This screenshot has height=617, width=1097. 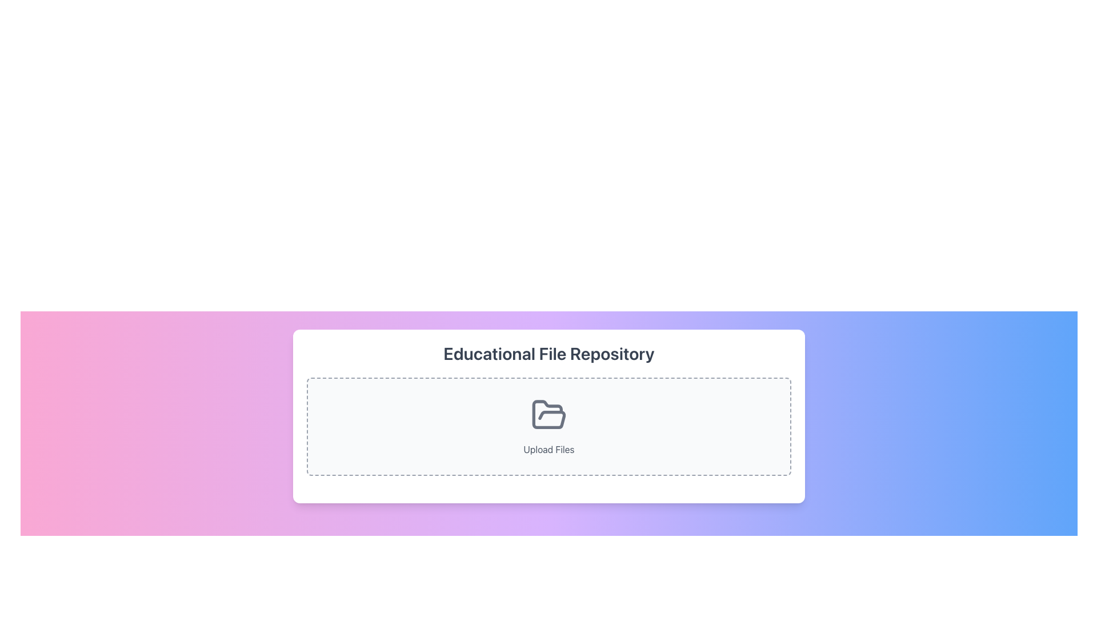 I want to click on and drop files into the File upload area, which is a rectangular box with dashed borders and a folder icon labeled 'Upload Files', located below the 'Educational File Repository' heading, so click(x=548, y=427).